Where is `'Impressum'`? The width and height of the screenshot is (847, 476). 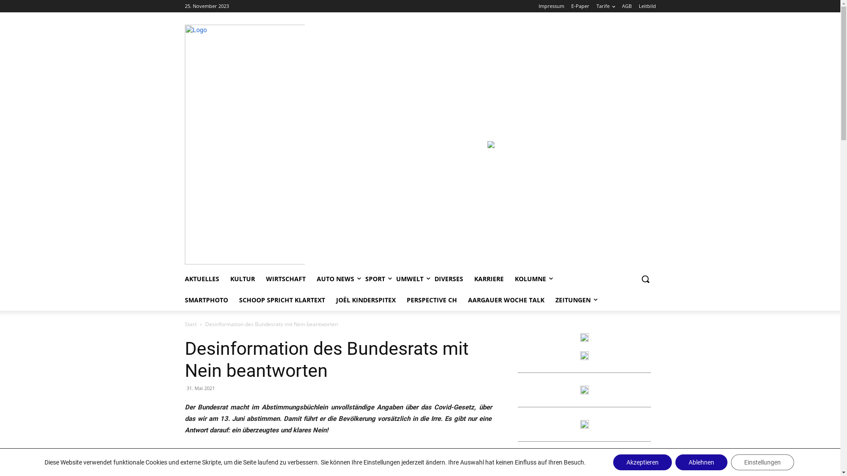 'Impressum' is located at coordinates (550, 6).